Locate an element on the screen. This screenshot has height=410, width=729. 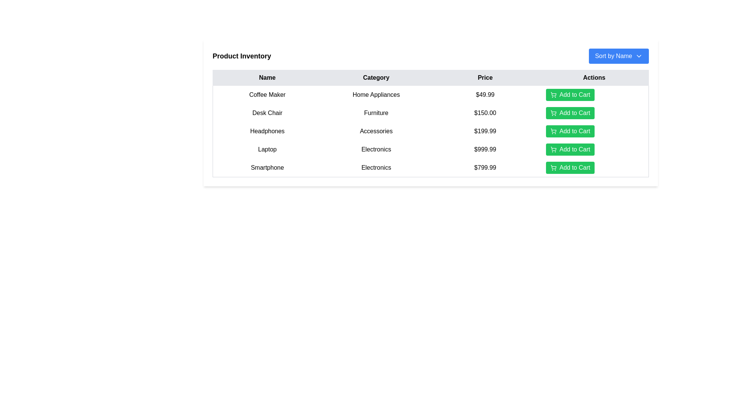
the text label displaying 'Accessories' located in the third row of the tabular layout, between 'Headphones' and '$199.99' is located at coordinates (376, 131).